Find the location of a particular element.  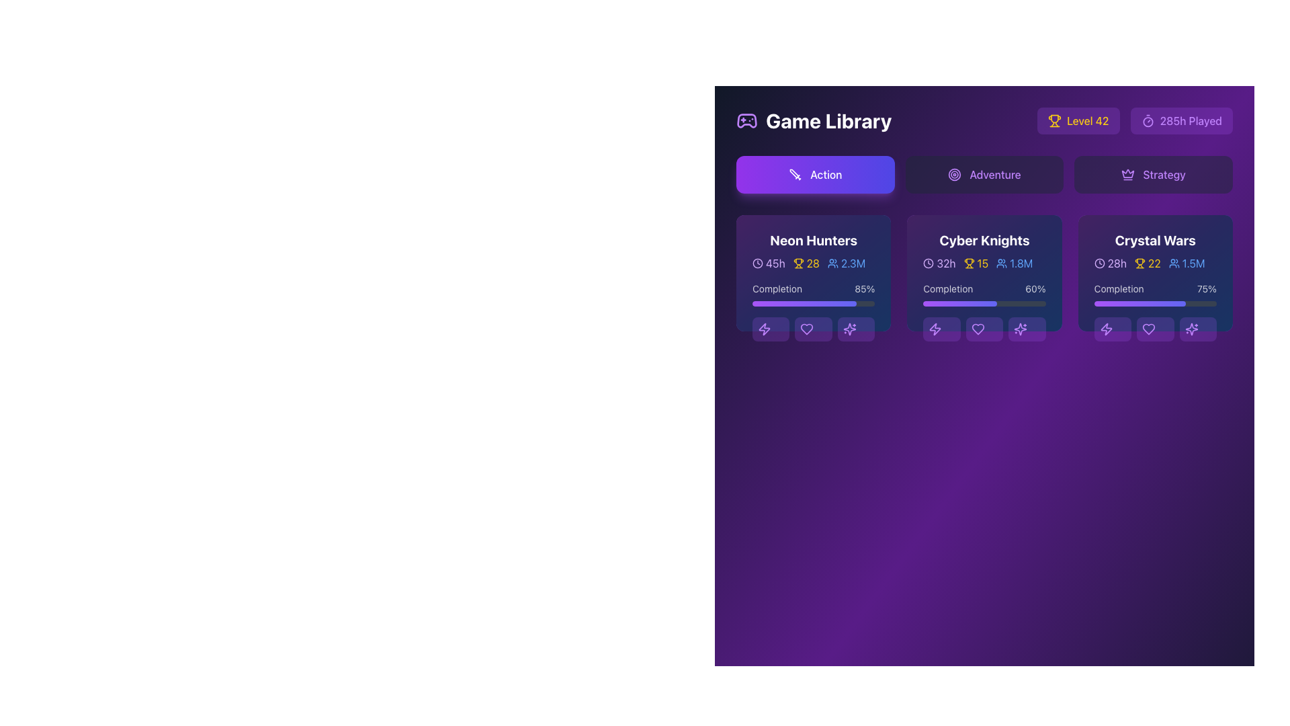

the heart icon button located at the bottom of the 'Cyber Knights' card to observe hover effects is located at coordinates (978, 329).